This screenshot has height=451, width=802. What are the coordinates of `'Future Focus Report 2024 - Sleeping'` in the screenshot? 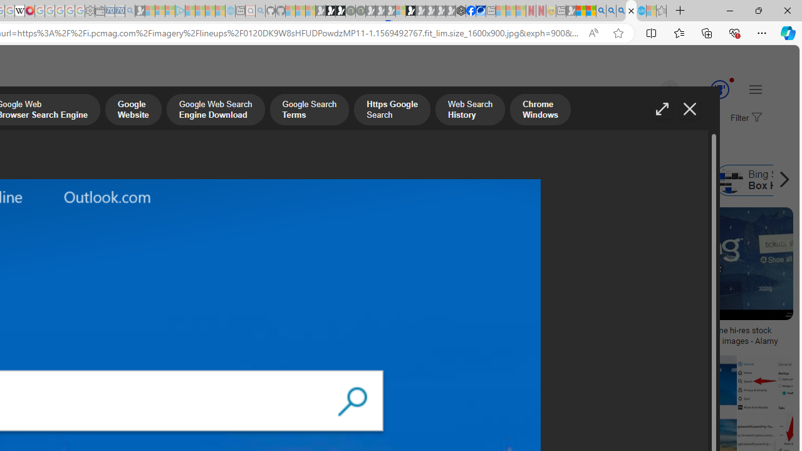 It's located at (360, 11).